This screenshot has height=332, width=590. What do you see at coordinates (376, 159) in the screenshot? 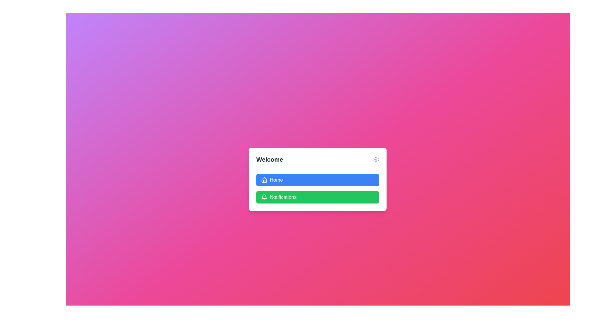
I see `the small circular gear icon button located in the upper right corner of the white rectangular box containing the text 'Welcome' to change its color` at bounding box center [376, 159].